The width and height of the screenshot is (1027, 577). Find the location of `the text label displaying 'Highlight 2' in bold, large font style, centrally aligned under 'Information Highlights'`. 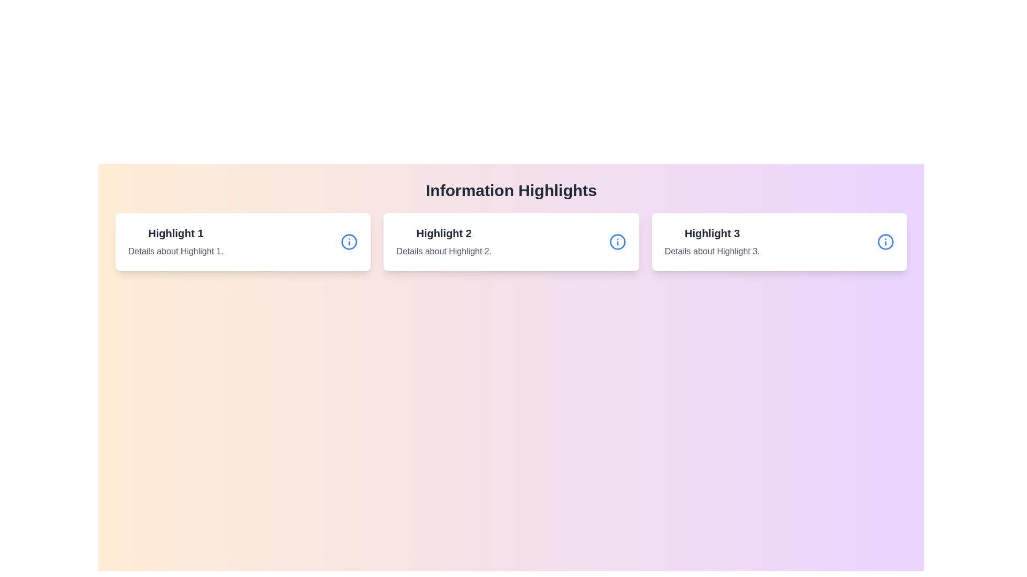

the text label displaying 'Highlight 2' in bold, large font style, centrally aligned under 'Information Highlights' is located at coordinates (444, 232).